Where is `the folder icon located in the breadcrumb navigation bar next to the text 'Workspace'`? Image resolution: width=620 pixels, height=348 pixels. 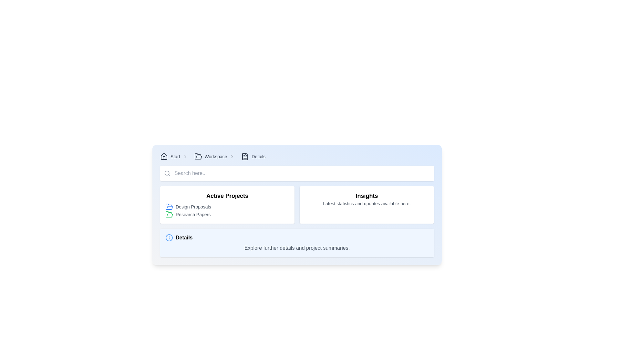
the folder icon located in the breadcrumb navigation bar next to the text 'Workspace' is located at coordinates (198, 157).